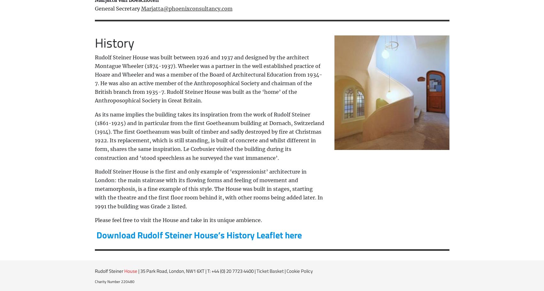  What do you see at coordinates (208, 78) in the screenshot?
I see `'Rudolf Steiner House was built between 1926 and 1937 and designed by the architect Montague Wheeler (1874-1937). Wheeler was a partner in the well established practice of Hoare and Wheeler and was a member of the Board of Architectural Education from 1934-7. He was also an active member of the Anthroposophical Society and chairman of the British branch from 1935-7. Rudolf Steiner House was built as the ‘home’ of the Anthroposophical Society in Great Britain.'` at bounding box center [208, 78].